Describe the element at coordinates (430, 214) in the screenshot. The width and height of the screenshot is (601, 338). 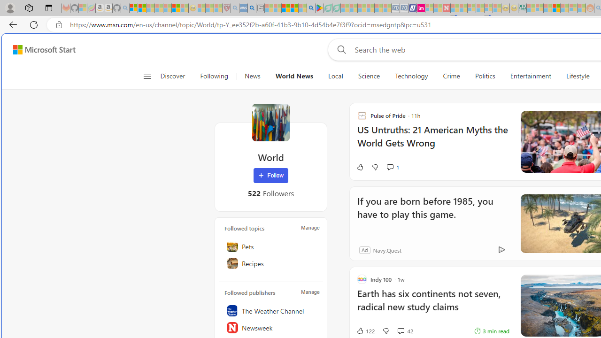
I see `'If you are born before 1985, you have to play this game.'` at that location.